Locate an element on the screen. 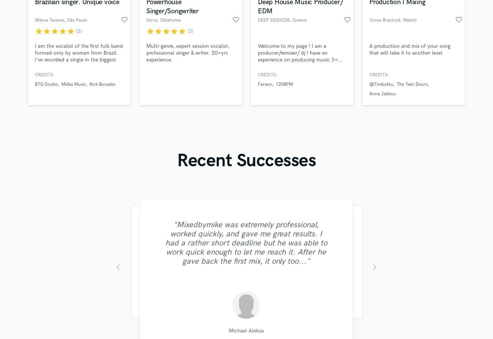 The width and height of the screenshot is (493, 339). ', Greece' is located at coordinates (298, 20).